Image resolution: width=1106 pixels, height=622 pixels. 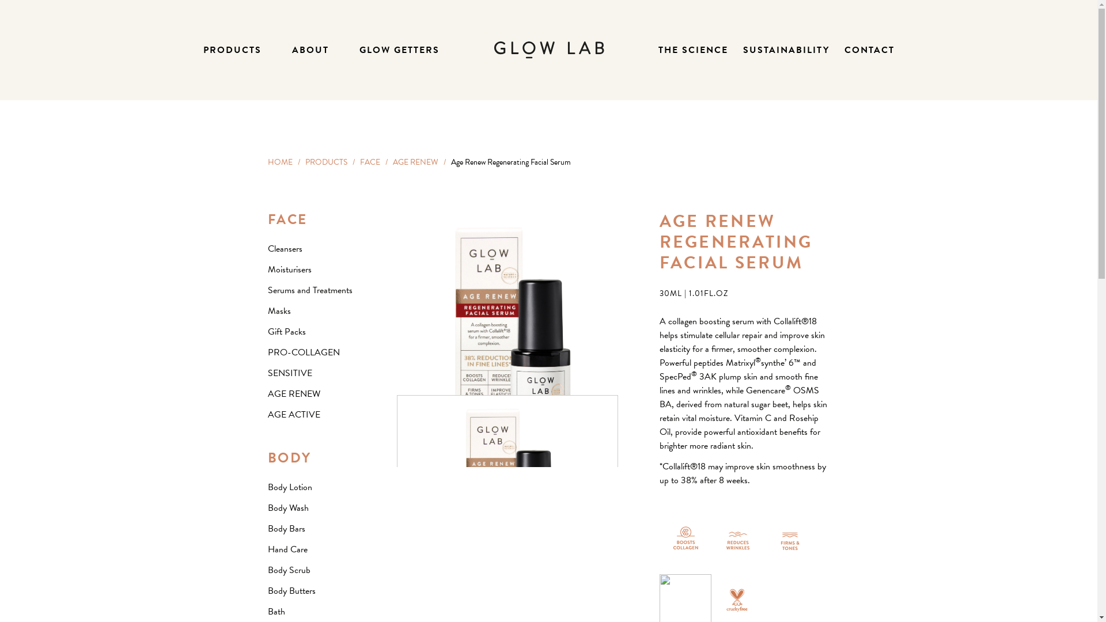 I want to click on 'FACE', so click(x=287, y=219).